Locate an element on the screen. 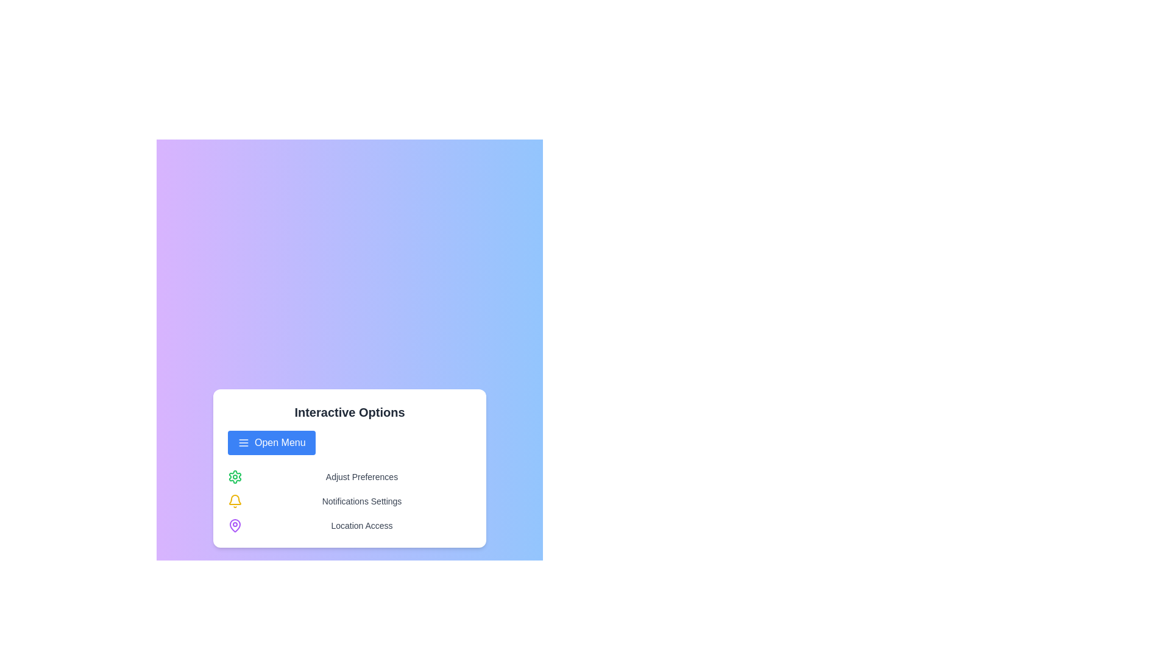 The height and width of the screenshot is (658, 1170). the label for Notifications Settings, which is positioned in the Interactive Options submenu, below 'Adjust Preferences' and above 'Location Access' is located at coordinates (361, 501).